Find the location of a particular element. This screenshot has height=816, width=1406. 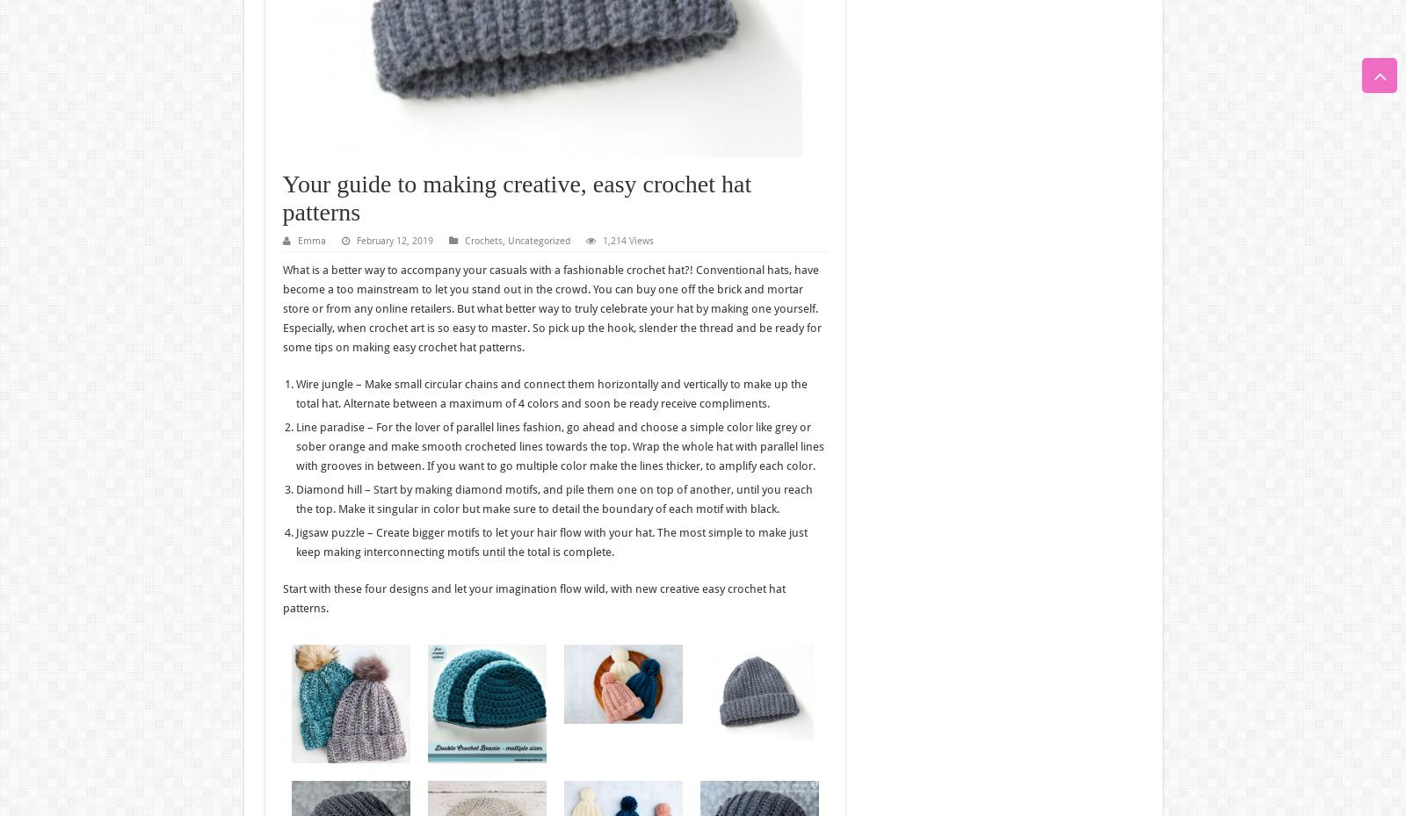

'Uncategorized' is located at coordinates (538, 240).